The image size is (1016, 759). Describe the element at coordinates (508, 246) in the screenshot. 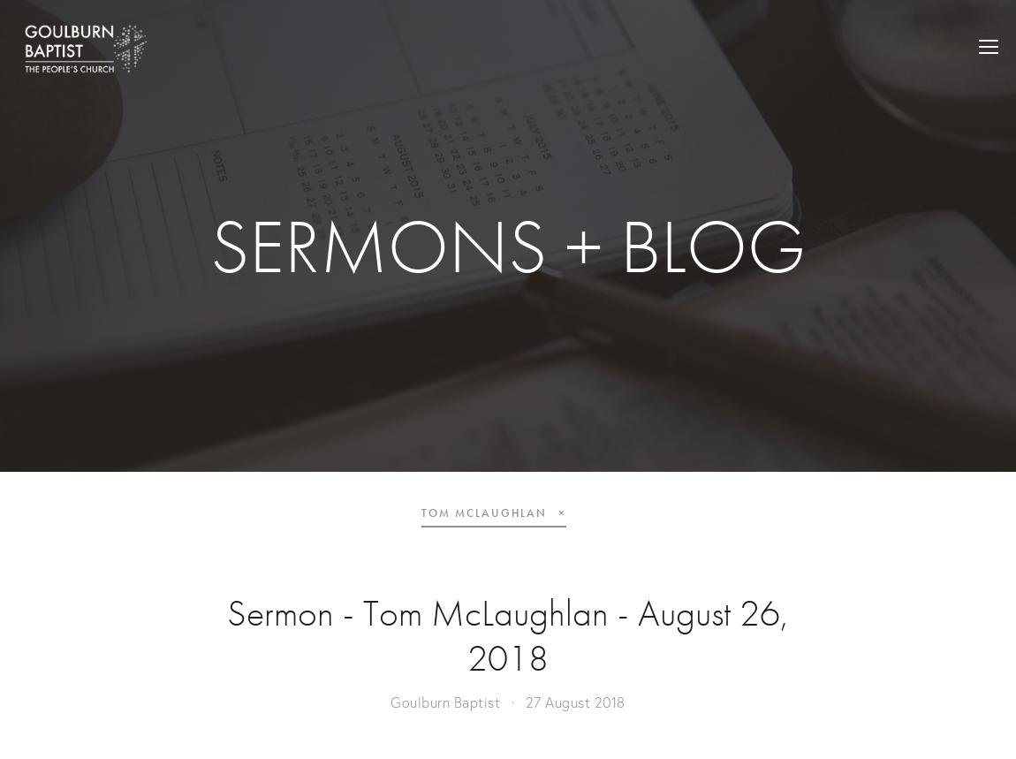

I see `'SERMONS + BLOG'` at that location.